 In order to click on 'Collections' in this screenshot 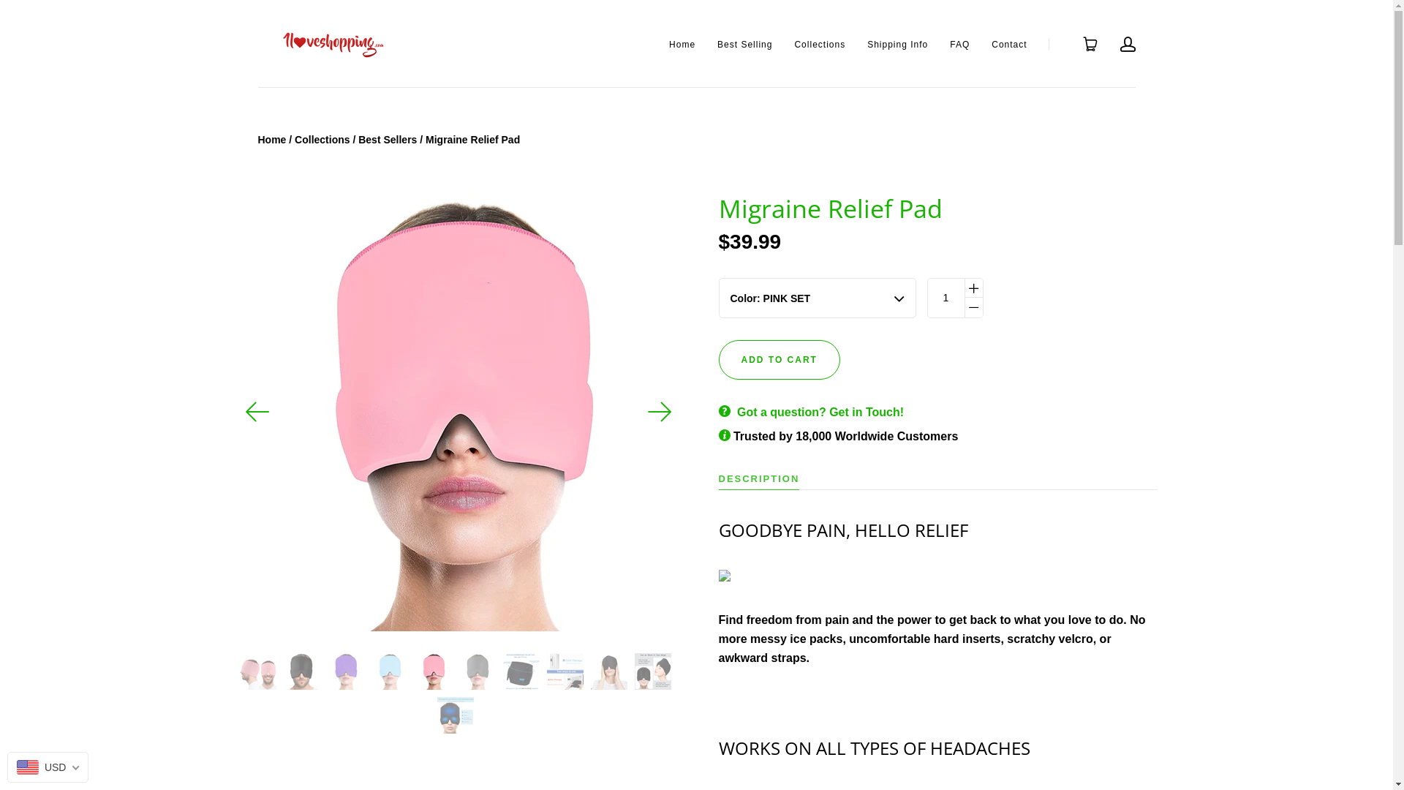, I will do `click(321, 140)`.